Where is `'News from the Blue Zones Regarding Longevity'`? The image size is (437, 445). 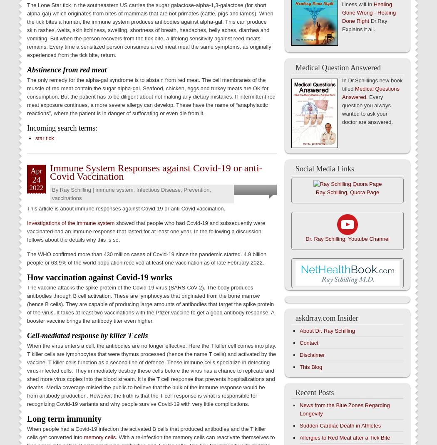
'News from the Blue Zones Regarding Longevity' is located at coordinates (345, 409).